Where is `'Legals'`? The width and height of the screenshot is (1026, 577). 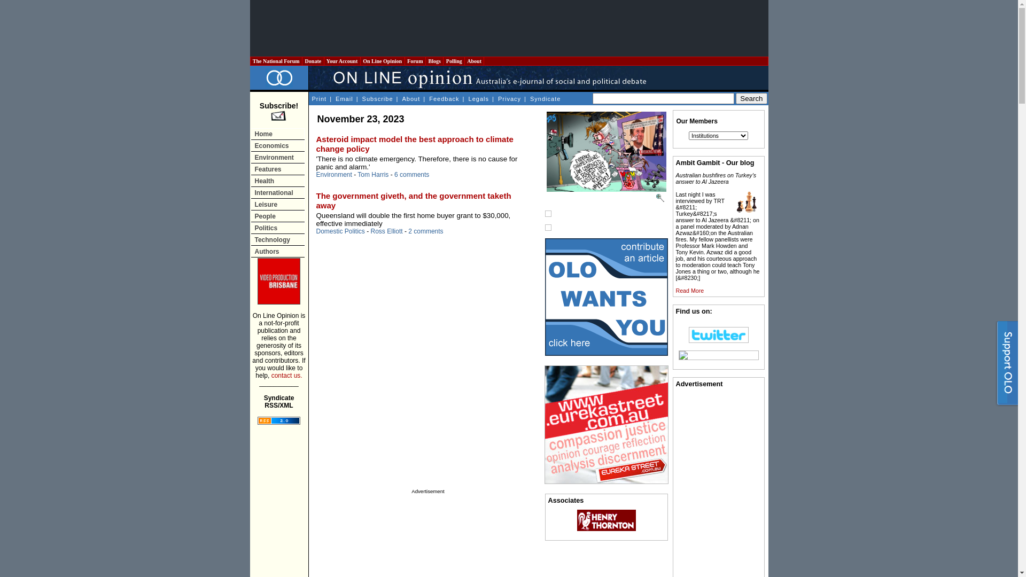 'Legals' is located at coordinates (478, 98).